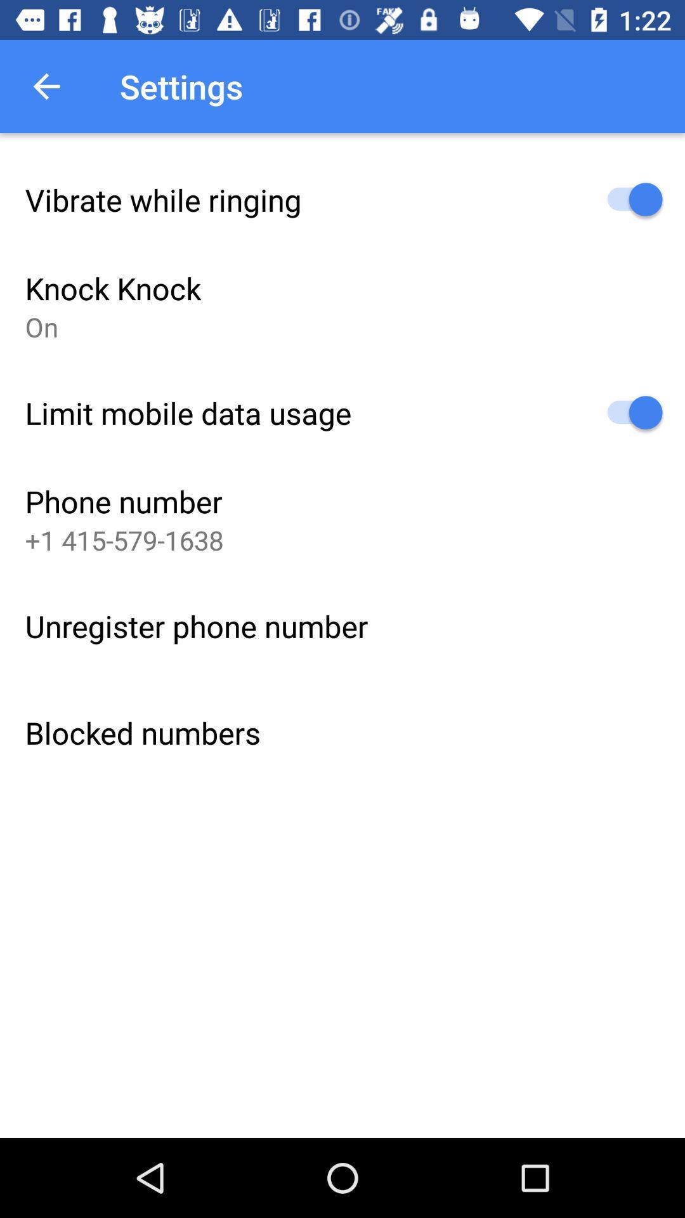 This screenshot has width=685, height=1218. What do you see at coordinates (162, 199) in the screenshot?
I see `item above the knock knock icon` at bounding box center [162, 199].